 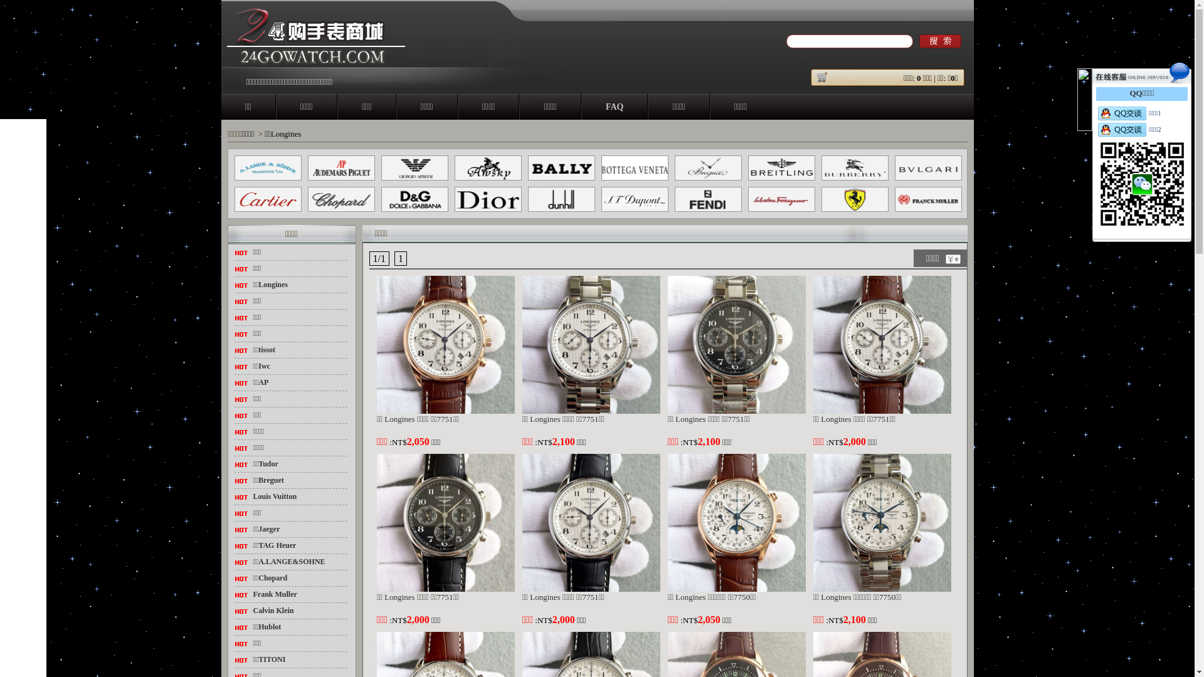 What do you see at coordinates (252, 610) in the screenshot?
I see `'Calvin Klein'` at bounding box center [252, 610].